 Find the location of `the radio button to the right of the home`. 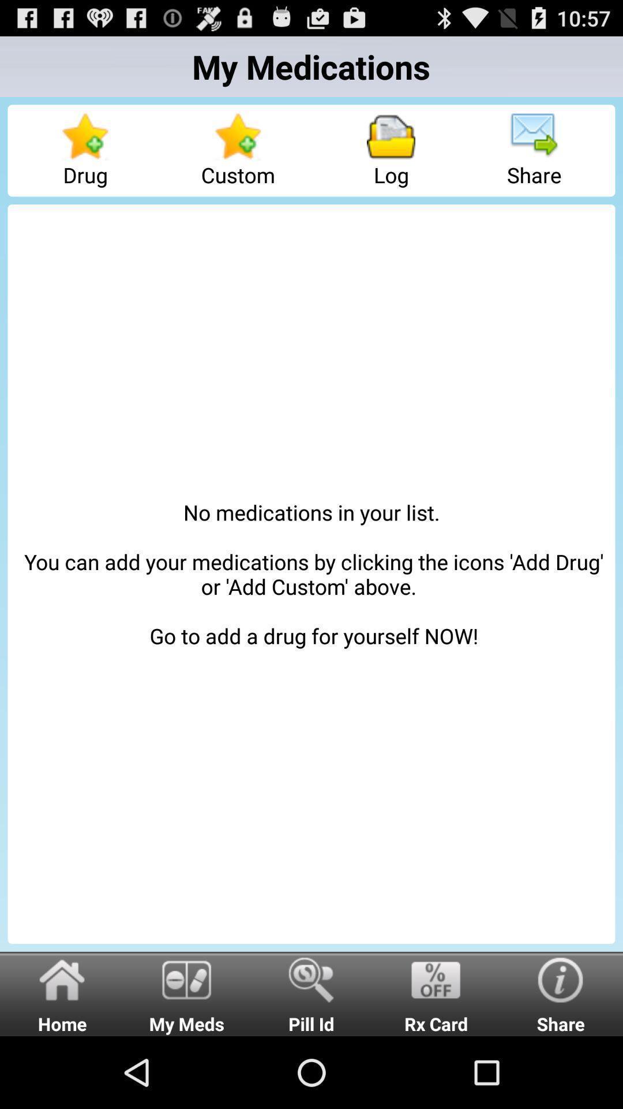

the radio button to the right of the home is located at coordinates (186, 993).